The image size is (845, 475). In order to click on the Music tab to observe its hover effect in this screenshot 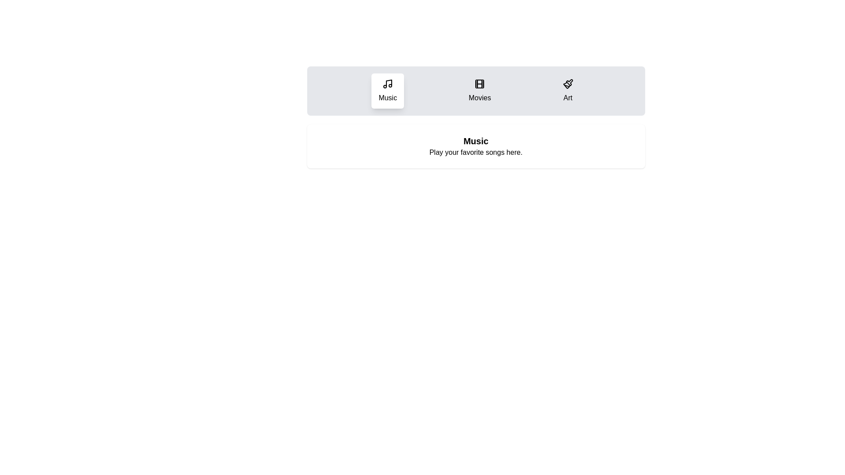, I will do `click(387, 91)`.